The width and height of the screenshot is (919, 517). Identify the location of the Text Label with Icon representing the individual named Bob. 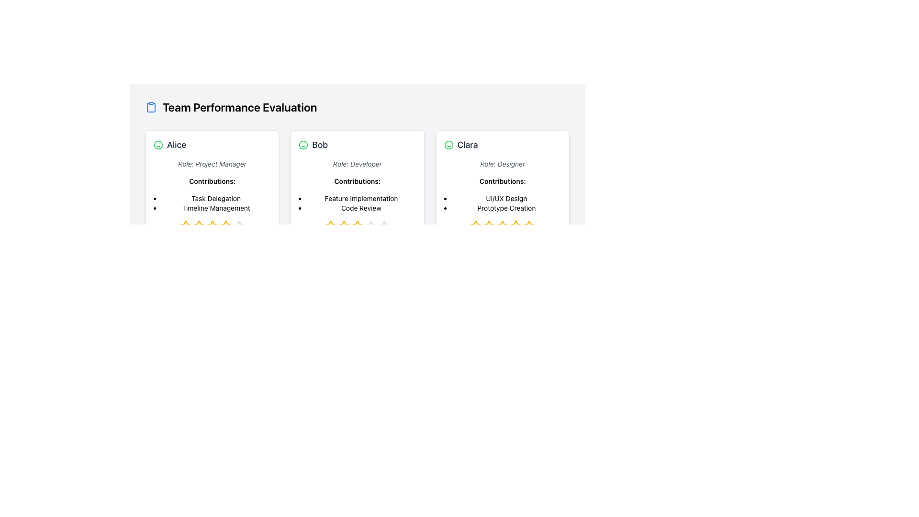
(357, 145).